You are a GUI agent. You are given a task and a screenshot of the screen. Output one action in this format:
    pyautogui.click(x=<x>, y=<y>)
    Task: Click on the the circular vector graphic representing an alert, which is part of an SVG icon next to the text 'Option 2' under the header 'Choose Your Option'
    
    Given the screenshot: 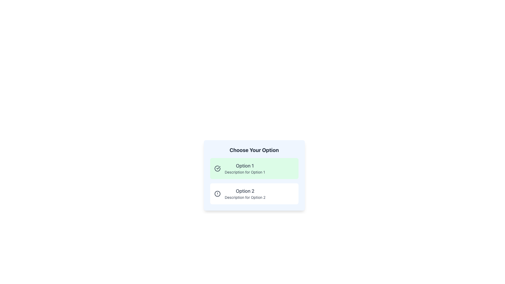 What is the action you would take?
    pyautogui.click(x=217, y=194)
    